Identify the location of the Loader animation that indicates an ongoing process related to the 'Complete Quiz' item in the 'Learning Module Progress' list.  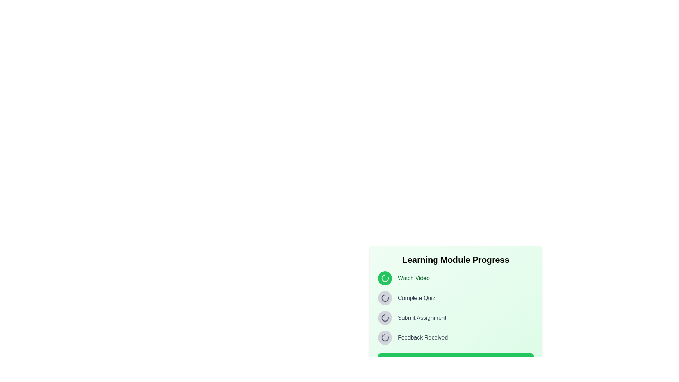
(385, 298).